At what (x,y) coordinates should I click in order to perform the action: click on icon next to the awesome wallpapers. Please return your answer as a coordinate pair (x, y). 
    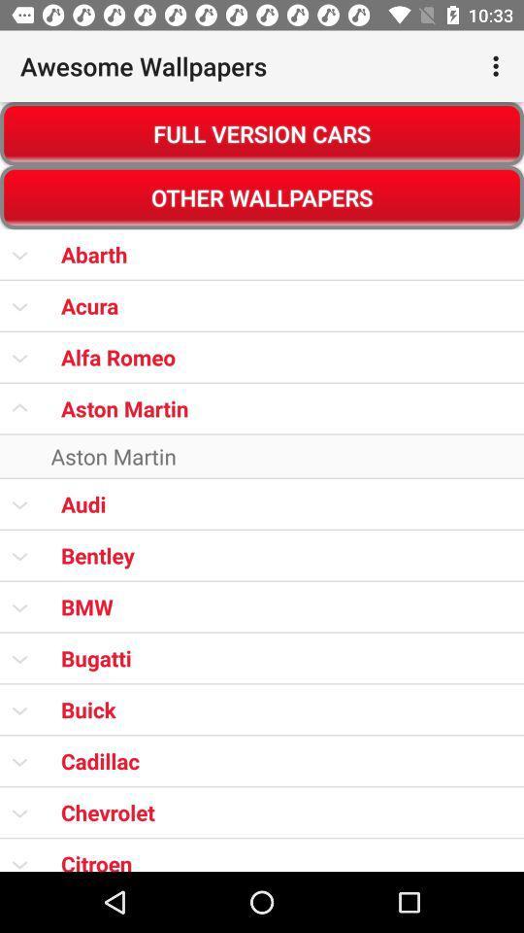
    Looking at the image, I should click on (498, 66).